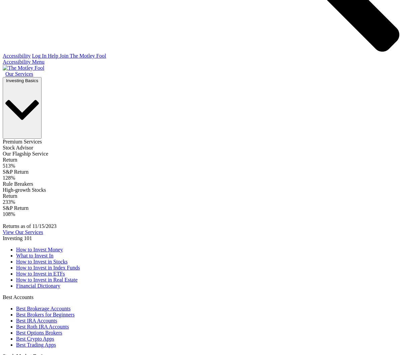  What do you see at coordinates (53, 55) in the screenshot?
I see `'Help'` at bounding box center [53, 55].